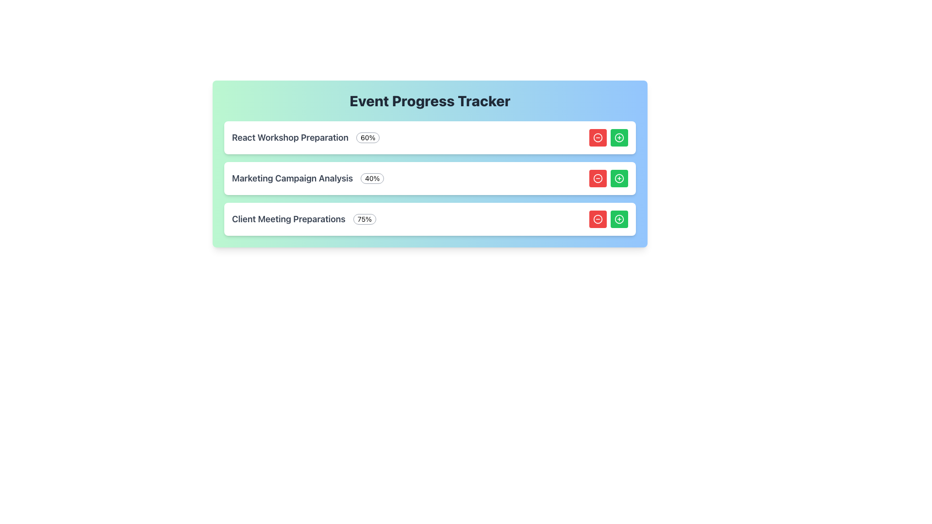  I want to click on the green circular shape within the 'circle-plus' icon, located at the right end of the progress tracker next to 'React Workshop Preparation', so click(619, 138).